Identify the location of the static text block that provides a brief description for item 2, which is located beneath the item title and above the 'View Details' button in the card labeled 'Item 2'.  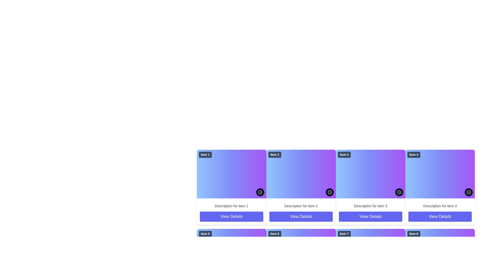
(301, 206).